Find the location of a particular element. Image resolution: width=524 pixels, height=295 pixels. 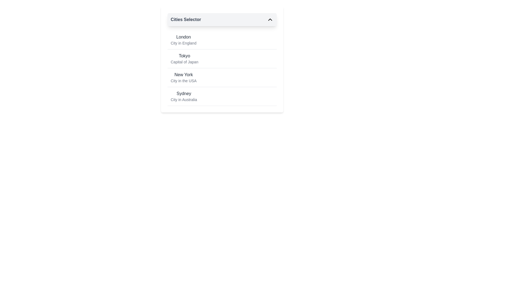

the text label displaying information about the city of Tokyo is located at coordinates (184, 59).